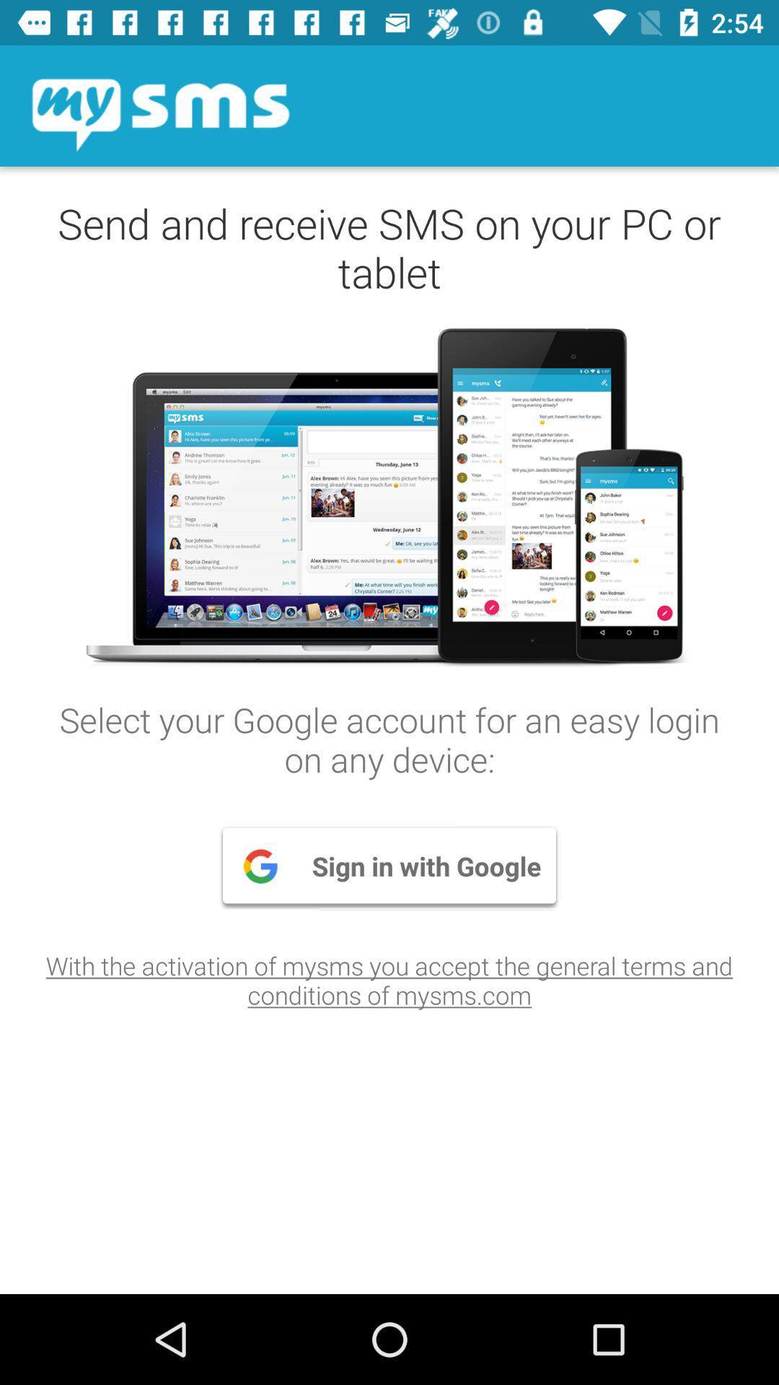  Describe the element at coordinates (389, 866) in the screenshot. I see `the sign in with item` at that location.